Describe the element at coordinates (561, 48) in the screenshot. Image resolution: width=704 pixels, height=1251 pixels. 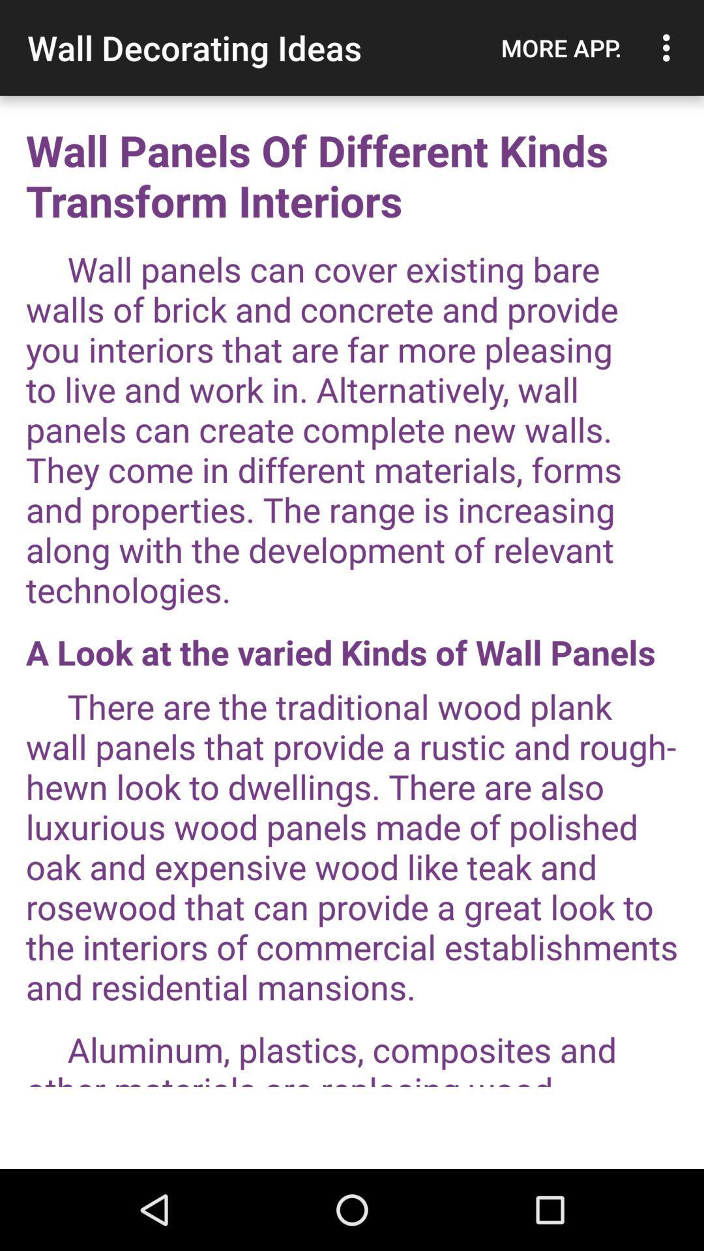
I see `icon above the wall panels of` at that location.